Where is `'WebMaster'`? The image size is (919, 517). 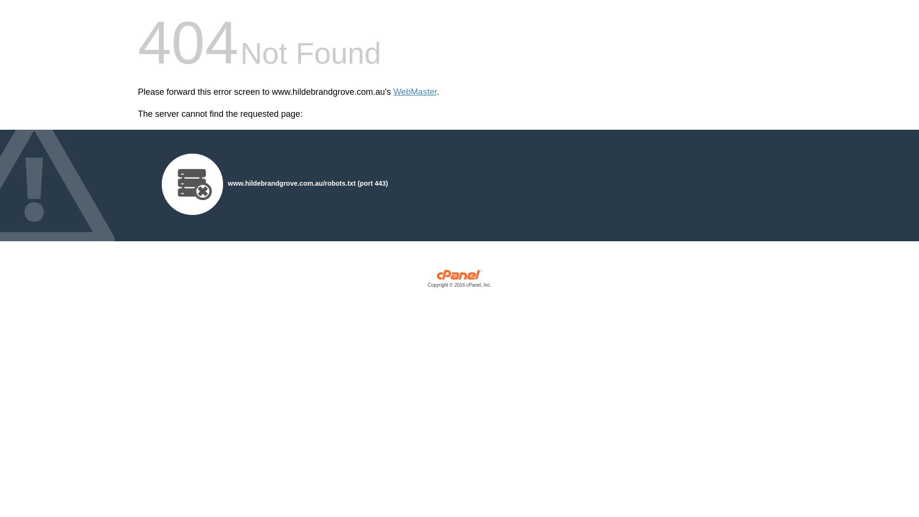
'WebMaster' is located at coordinates (393, 92).